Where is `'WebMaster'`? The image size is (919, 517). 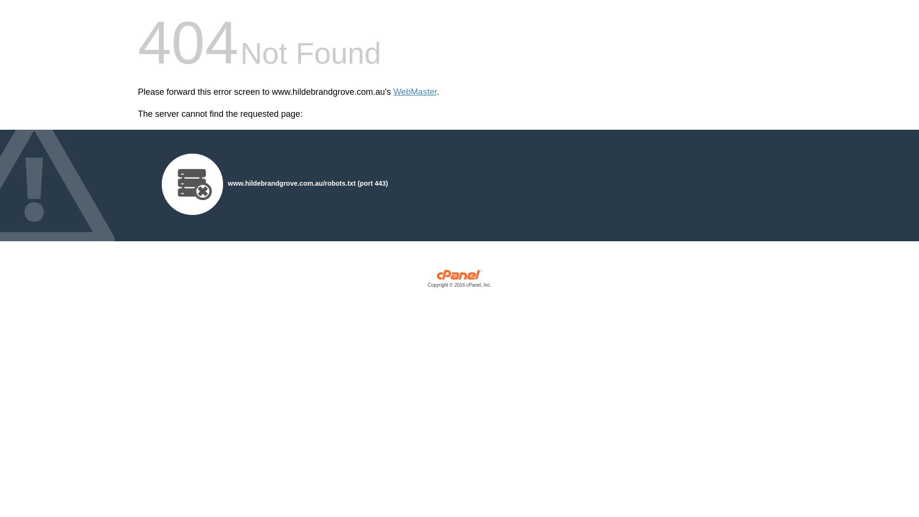
'WebMaster' is located at coordinates (393, 92).